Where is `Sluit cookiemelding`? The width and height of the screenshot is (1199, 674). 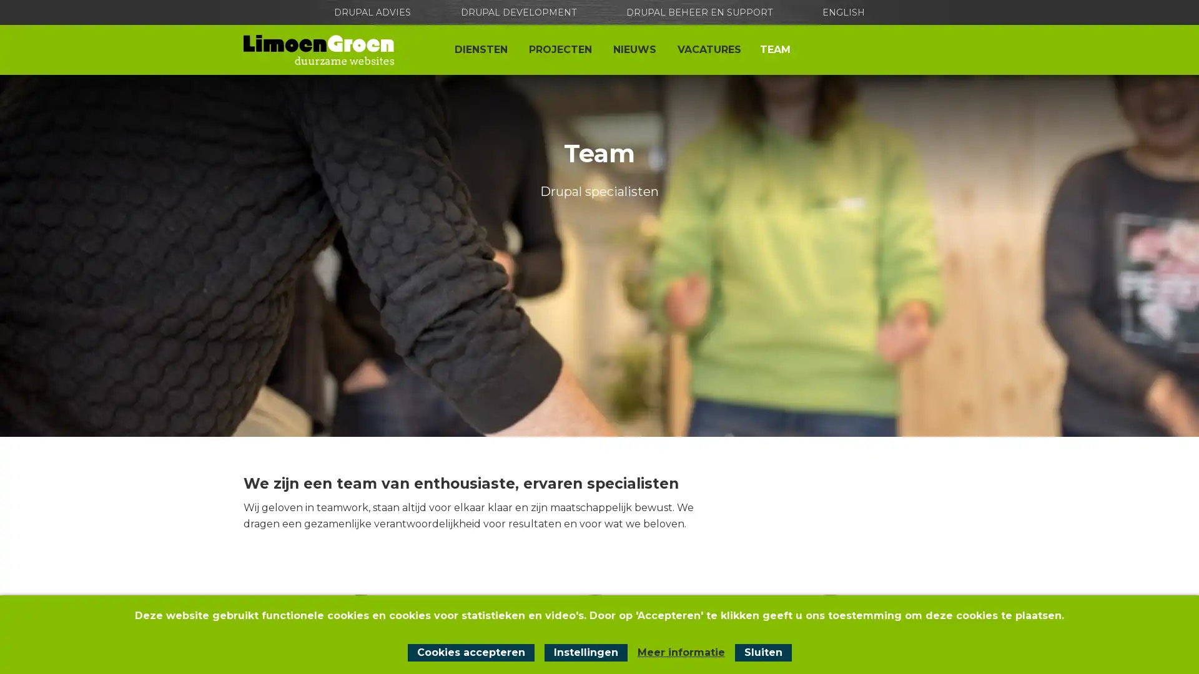
Sluit cookiemelding is located at coordinates (762, 652).